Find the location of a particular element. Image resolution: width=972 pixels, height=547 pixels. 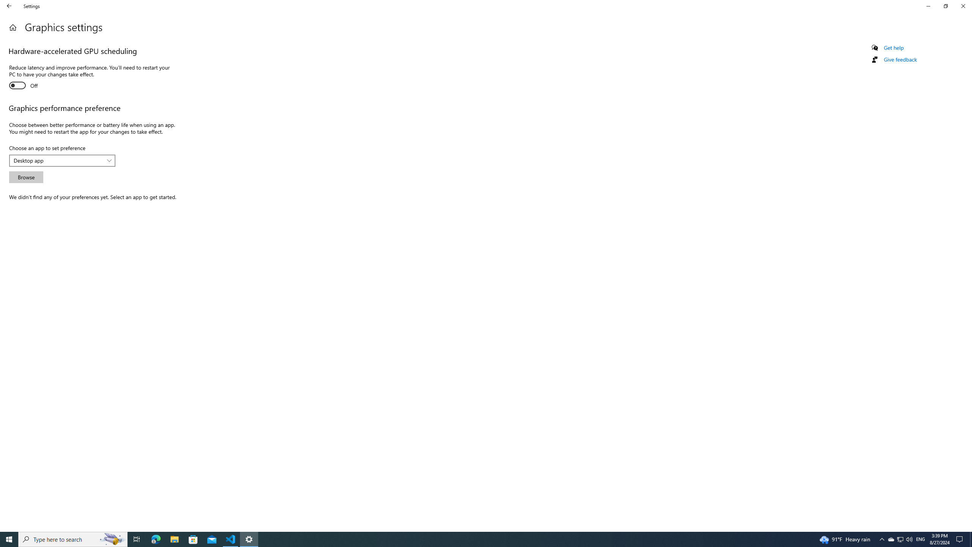

'Minimize Settings' is located at coordinates (928, 6).